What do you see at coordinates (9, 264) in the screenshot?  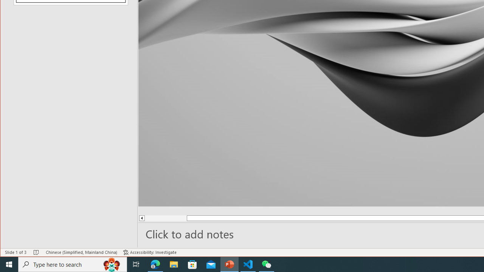 I see `'Start'` at bounding box center [9, 264].